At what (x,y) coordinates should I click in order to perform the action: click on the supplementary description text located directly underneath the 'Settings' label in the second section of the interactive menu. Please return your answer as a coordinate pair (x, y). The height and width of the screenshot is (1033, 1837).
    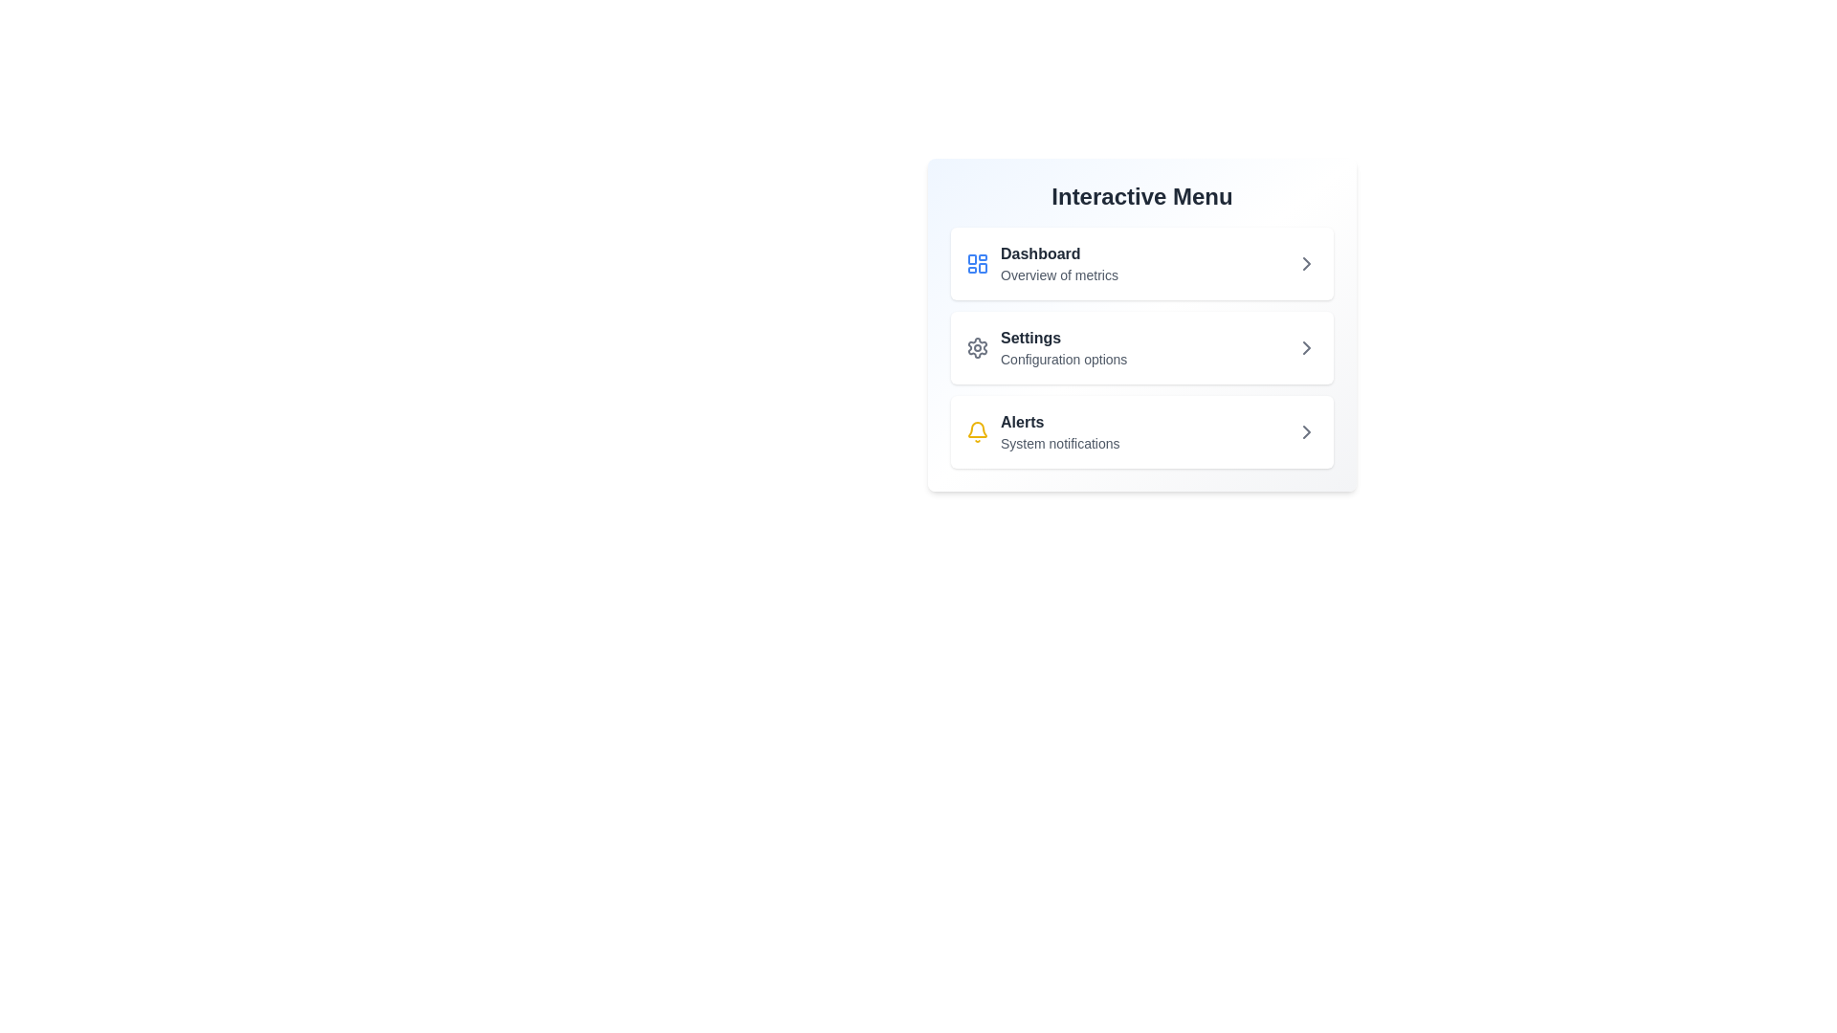
    Looking at the image, I should click on (1063, 359).